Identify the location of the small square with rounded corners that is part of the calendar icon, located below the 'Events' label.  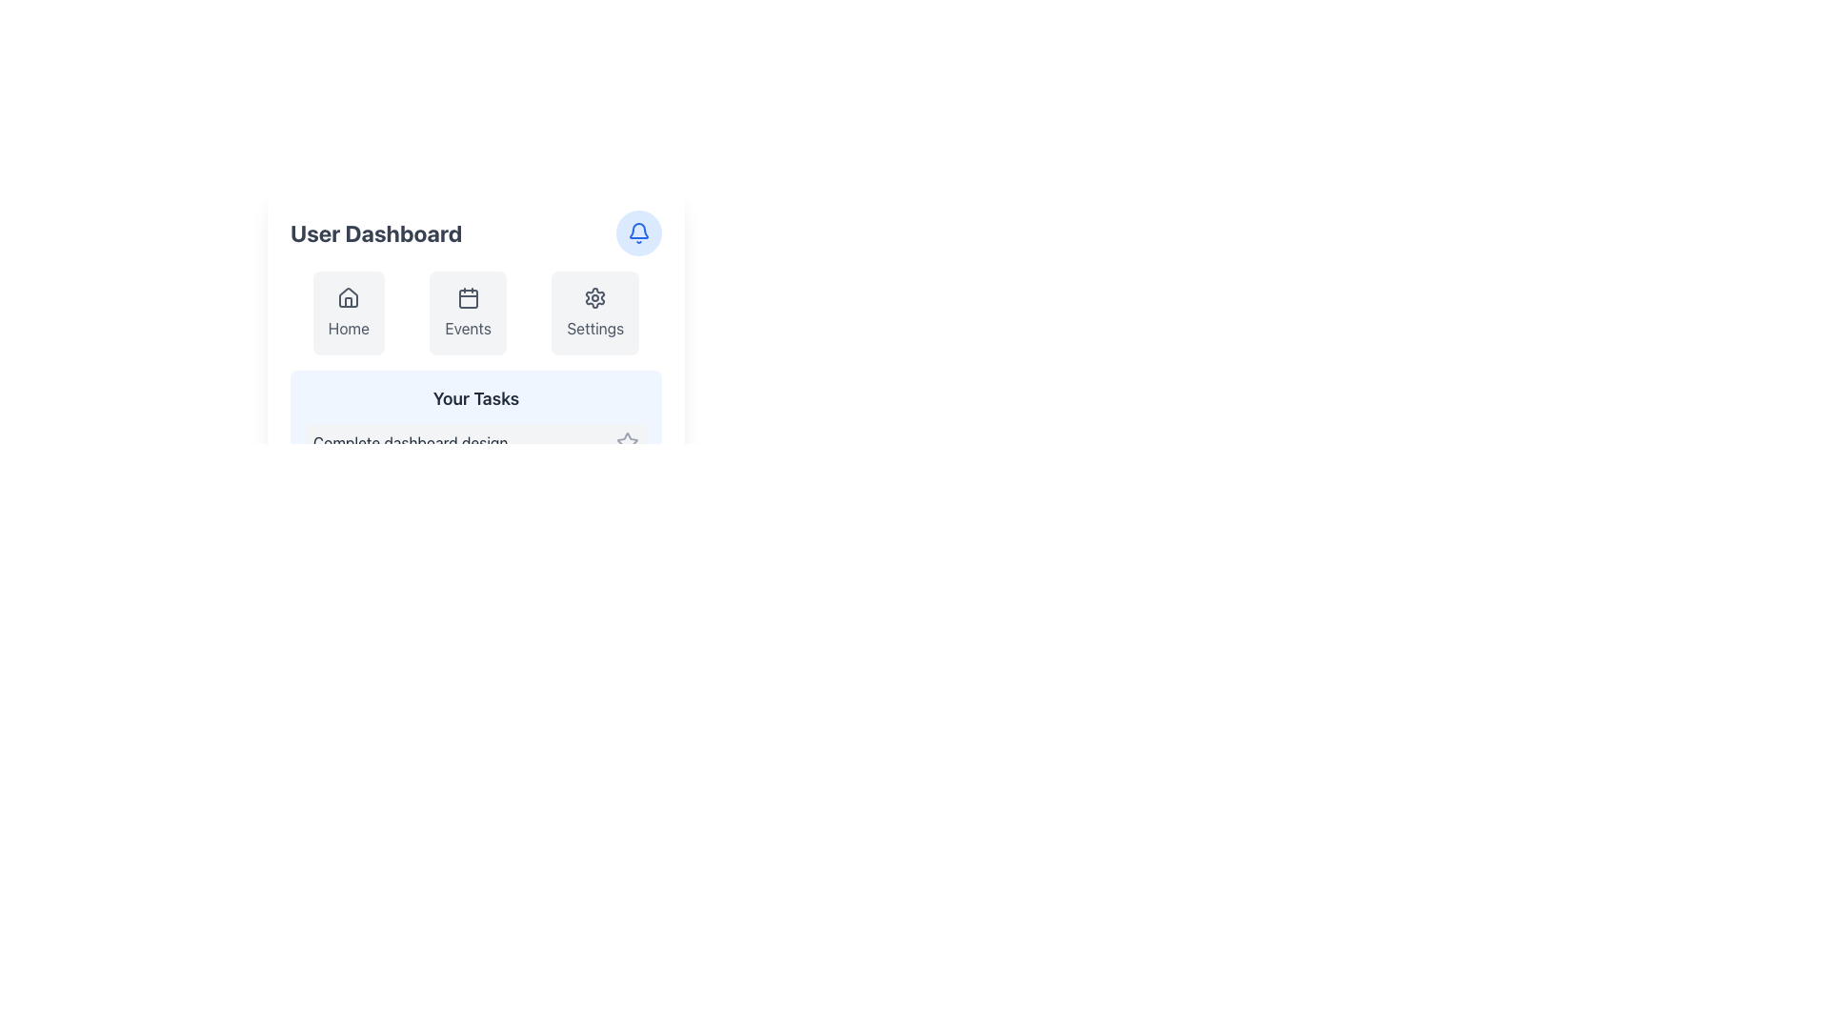
(468, 298).